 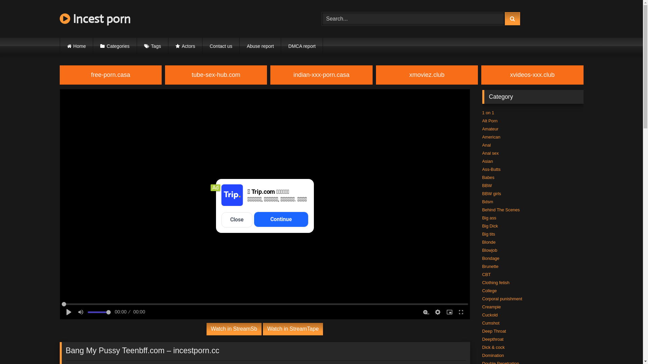 What do you see at coordinates (482, 355) in the screenshot?
I see `'Domination'` at bounding box center [482, 355].